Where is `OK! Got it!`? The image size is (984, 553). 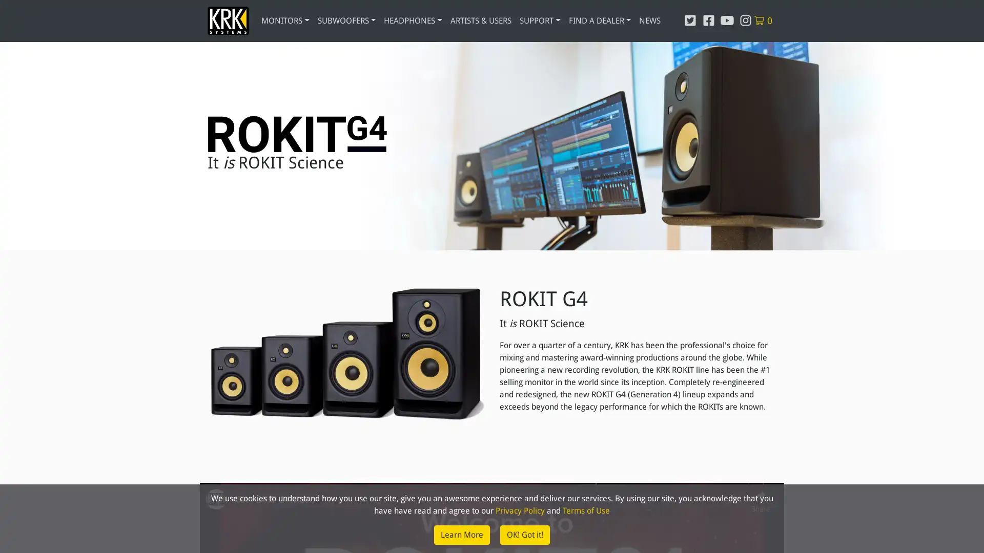 OK! Got it! is located at coordinates (525, 535).